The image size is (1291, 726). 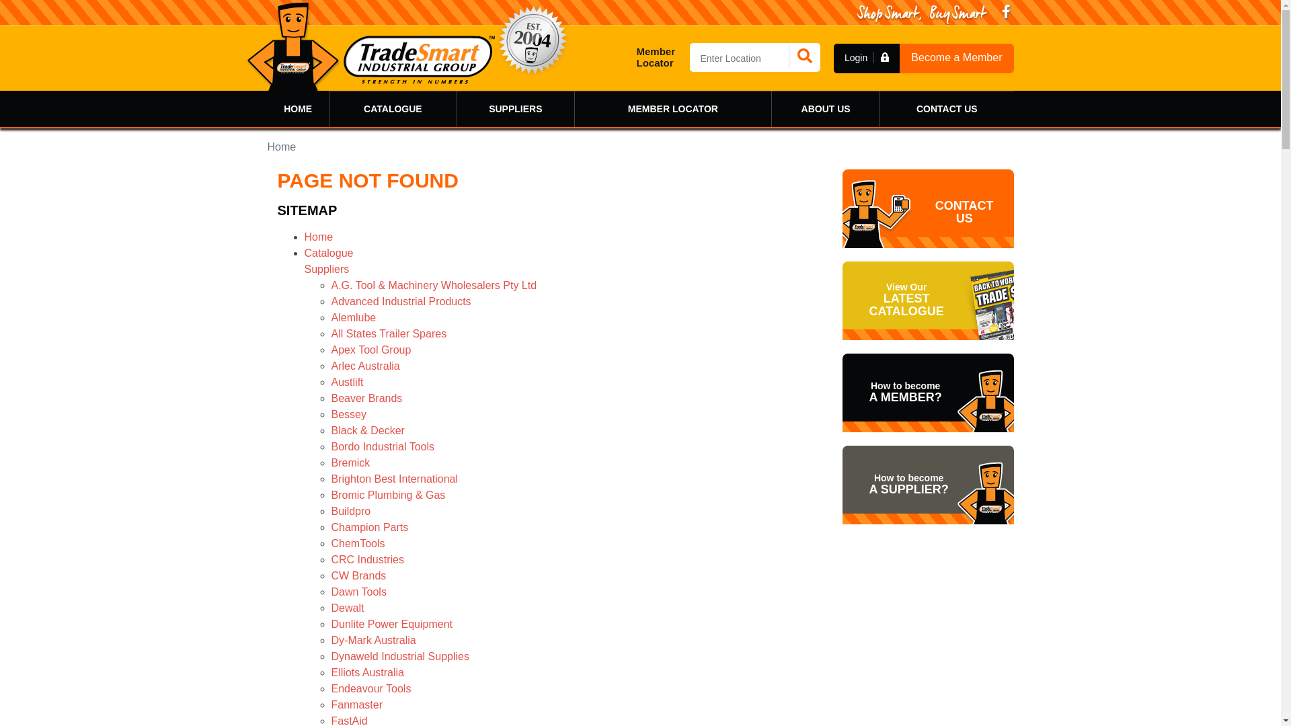 What do you see at coordinates (330, 608) in the screenshot?
I see `'Dewalt'` at bounding box center [330, 608].